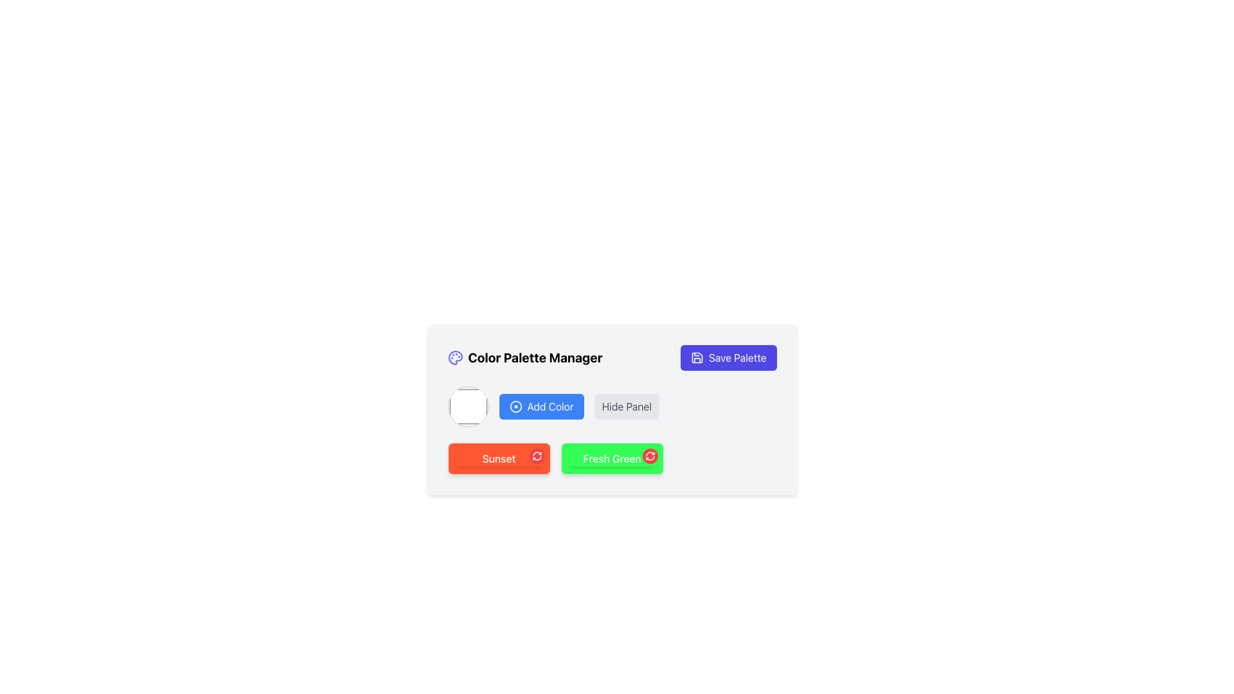 The height and width of the screenshot is (694, 1234). Describe the element at coordinates (498, 458) in the screenshot. I see `the leftmost button labeled 'Sunset' to potentially see a tooltip or additional information` at that location.